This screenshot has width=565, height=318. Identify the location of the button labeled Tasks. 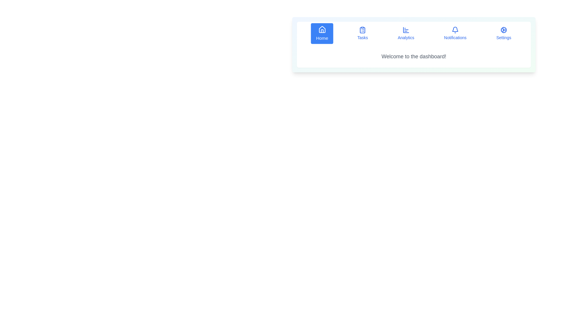
(362, 34).